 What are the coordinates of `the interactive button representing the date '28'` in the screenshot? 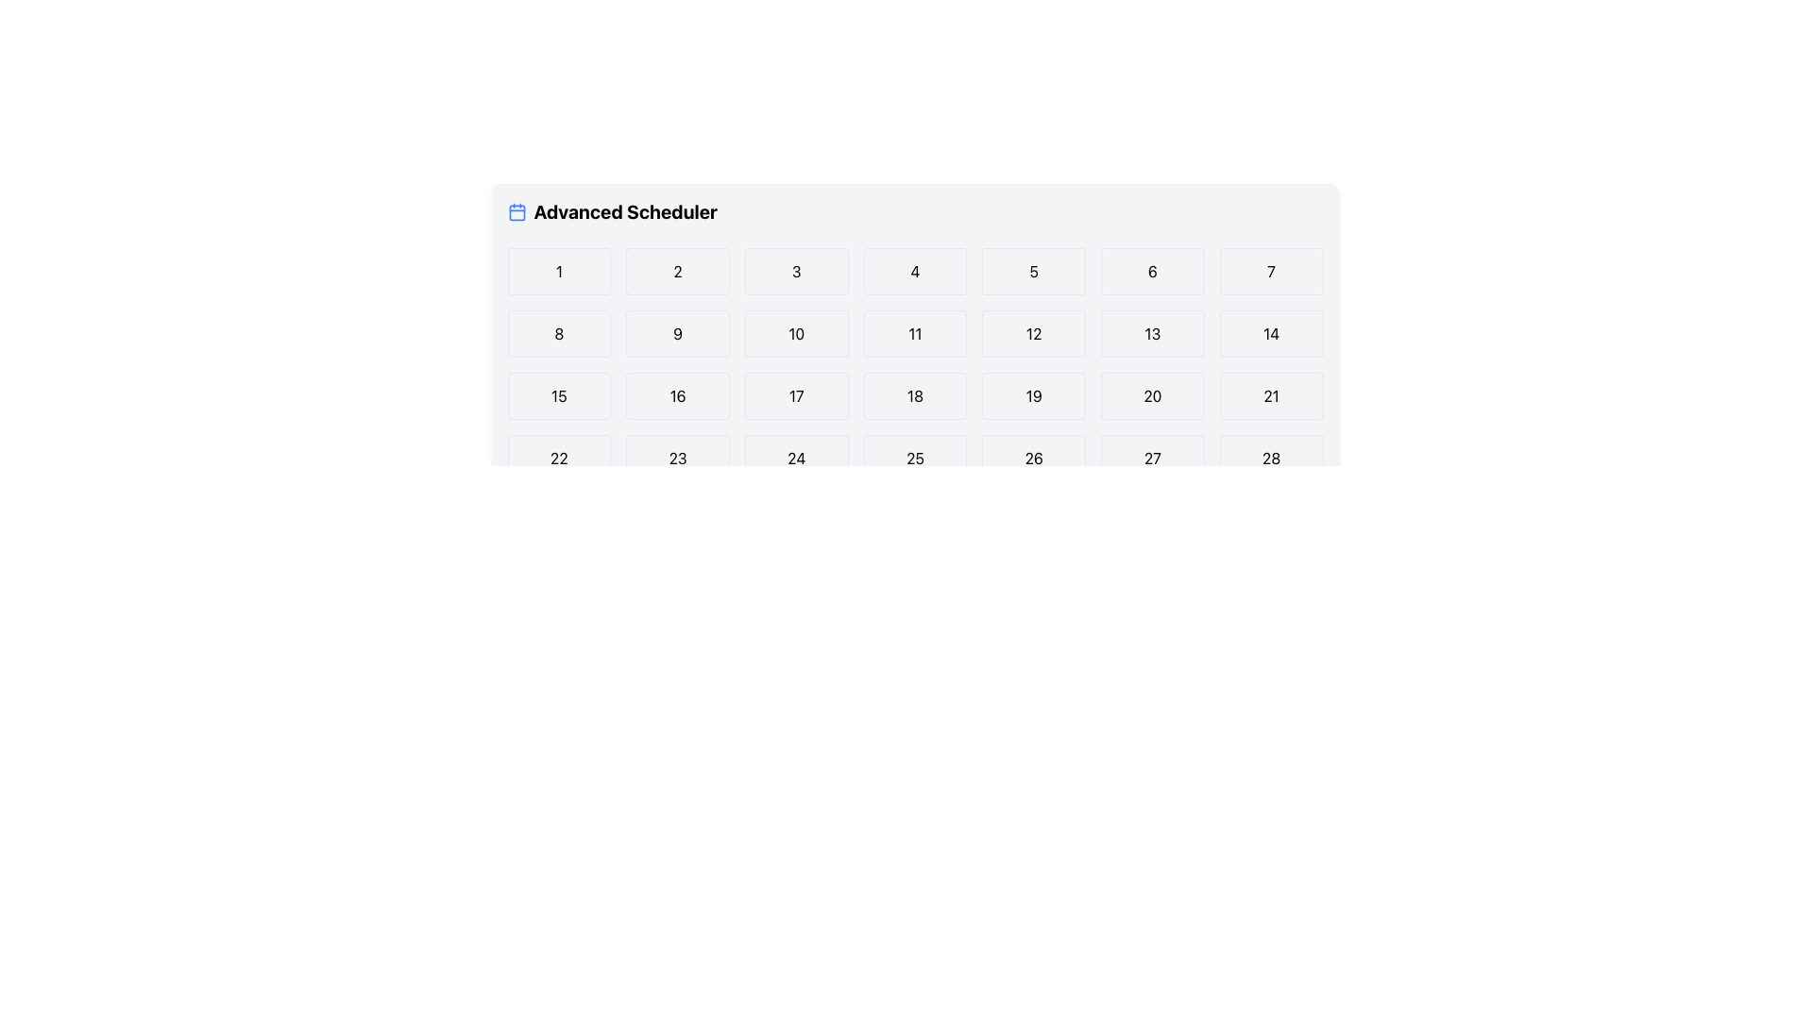 It's located at (1271, 459).